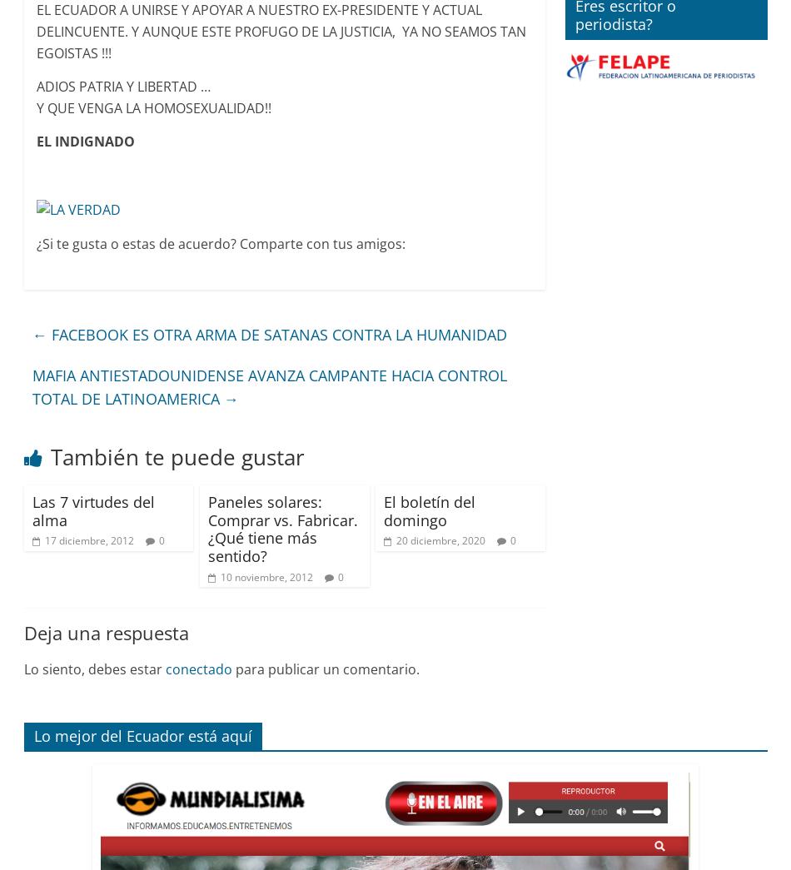  I want to click on 'MAFIA ANTIESTADOUNIDENSE AVANZA CAMPANTE HACIA CONTROL TOTAL DE LATINOAMERICA', so click(268, 386).